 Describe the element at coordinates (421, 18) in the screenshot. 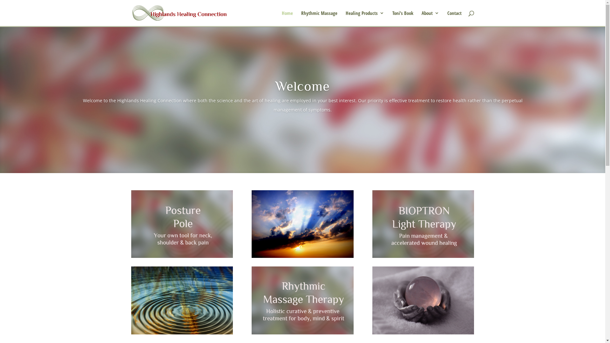

I see `'About'` at that location.